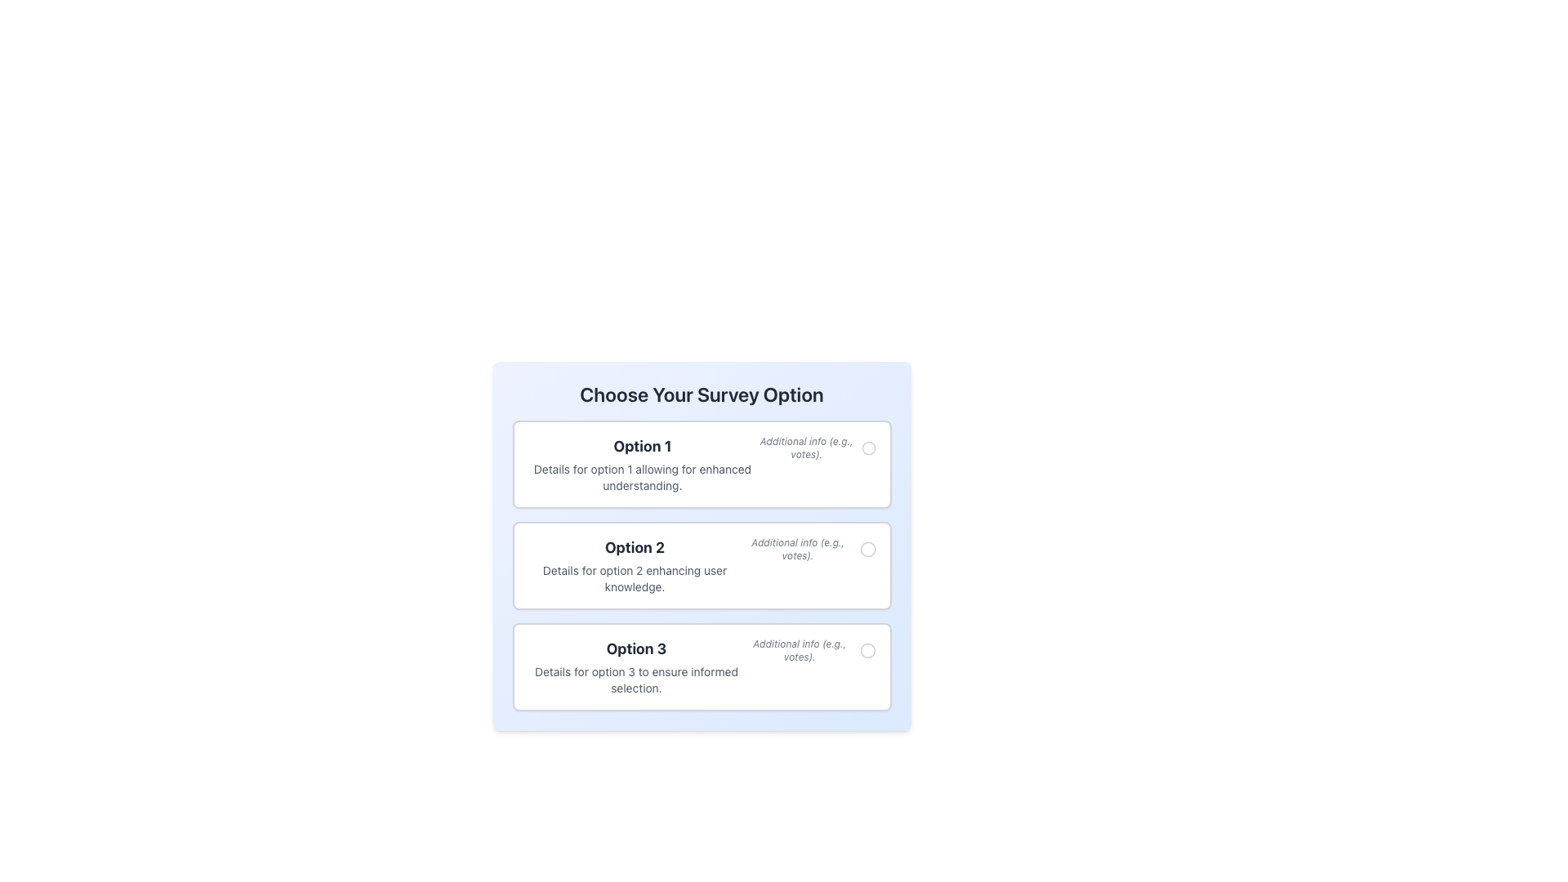  What do you see at coordinates (867, 549) in the screenshot?
I see `the circular graphic element of the radio button group, which is styled as a light gray outline indicating it is unselected` at bounding box center [867, 549].